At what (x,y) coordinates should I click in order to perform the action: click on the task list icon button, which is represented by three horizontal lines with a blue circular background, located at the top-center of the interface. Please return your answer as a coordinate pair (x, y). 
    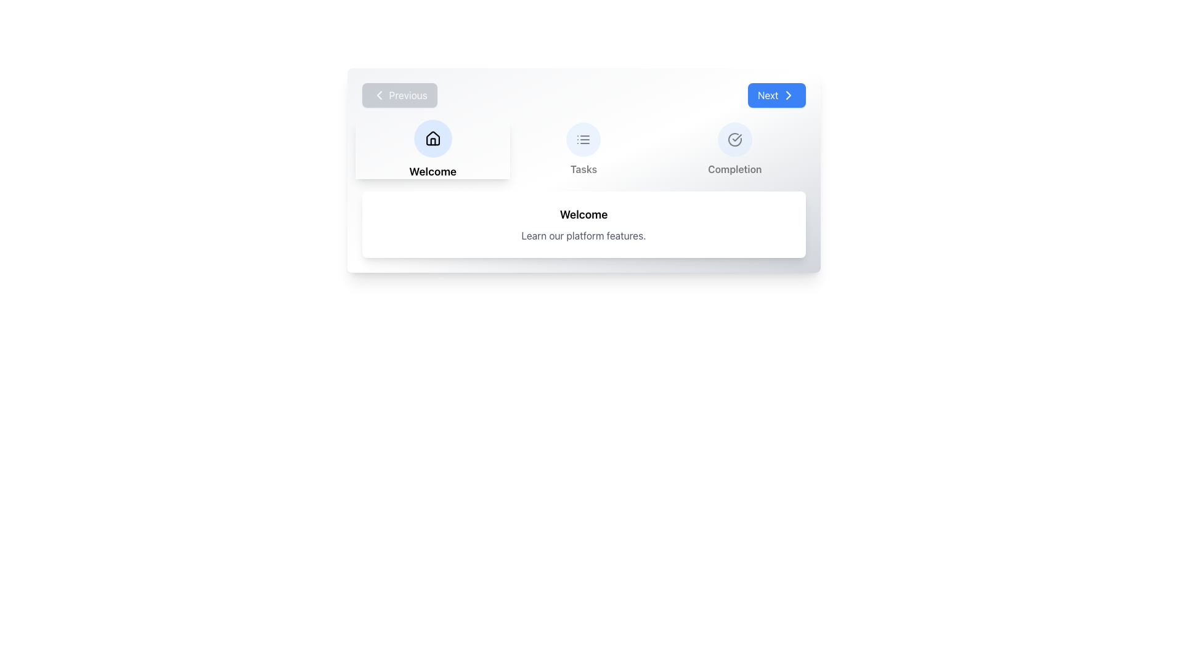
    Looking at the image, I should click on (583, 139).